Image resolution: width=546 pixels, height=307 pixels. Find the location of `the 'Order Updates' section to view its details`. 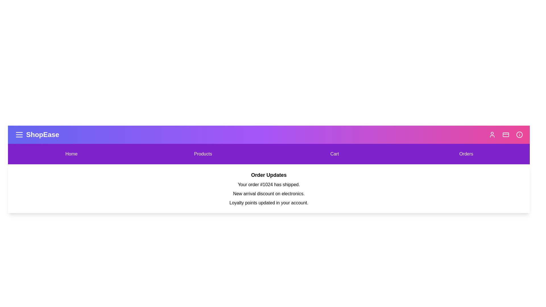

the 'Order Updates' section to view its details is located at coordinates (268, 175).